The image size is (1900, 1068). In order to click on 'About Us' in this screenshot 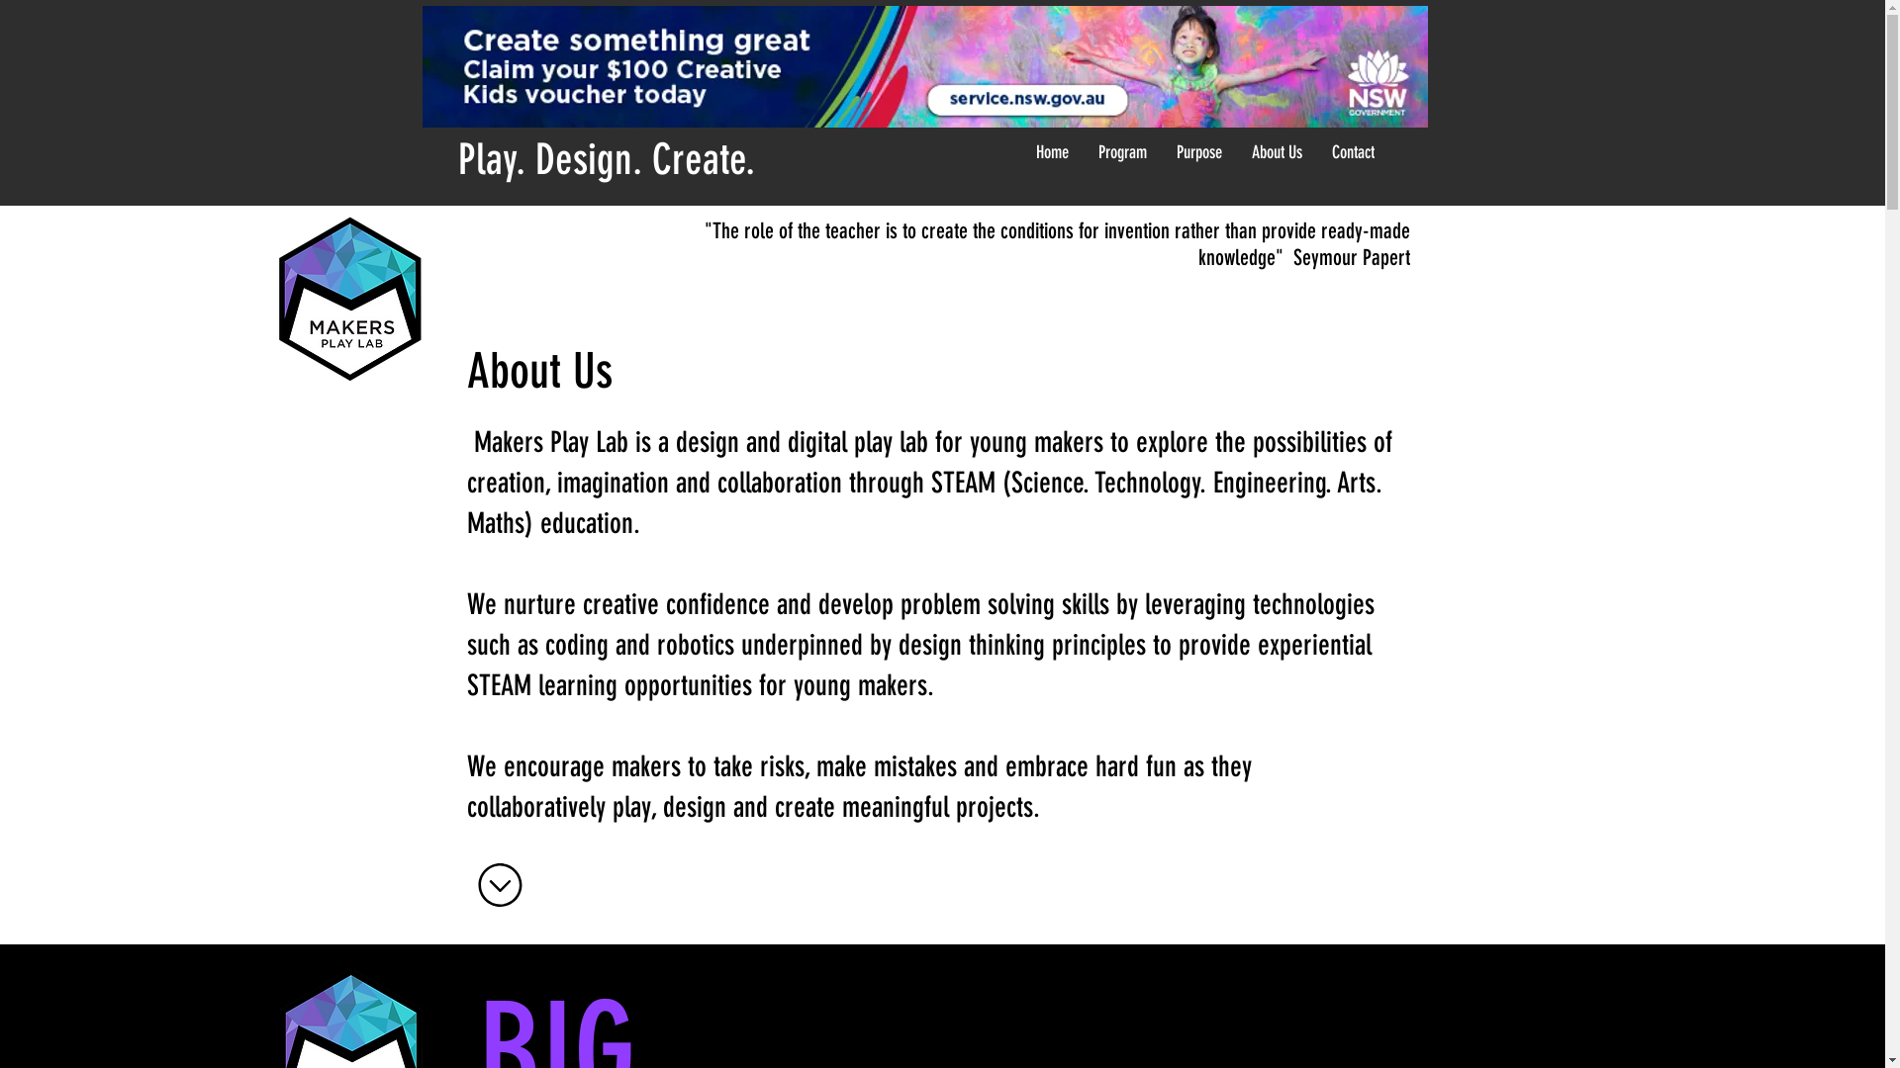, I will do `click(1277, 151)`.